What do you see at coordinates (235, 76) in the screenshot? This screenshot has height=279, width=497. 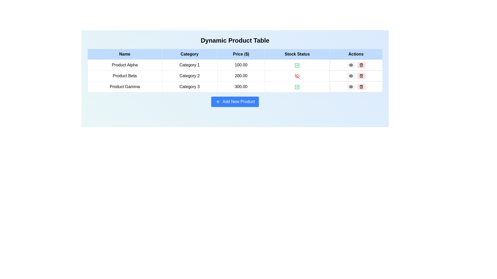 I see `the second row of the 'Dynamic Product Table' that contains 'Product Beta', 'Category 2', and '200.00'` at bounding box center [235, 76].